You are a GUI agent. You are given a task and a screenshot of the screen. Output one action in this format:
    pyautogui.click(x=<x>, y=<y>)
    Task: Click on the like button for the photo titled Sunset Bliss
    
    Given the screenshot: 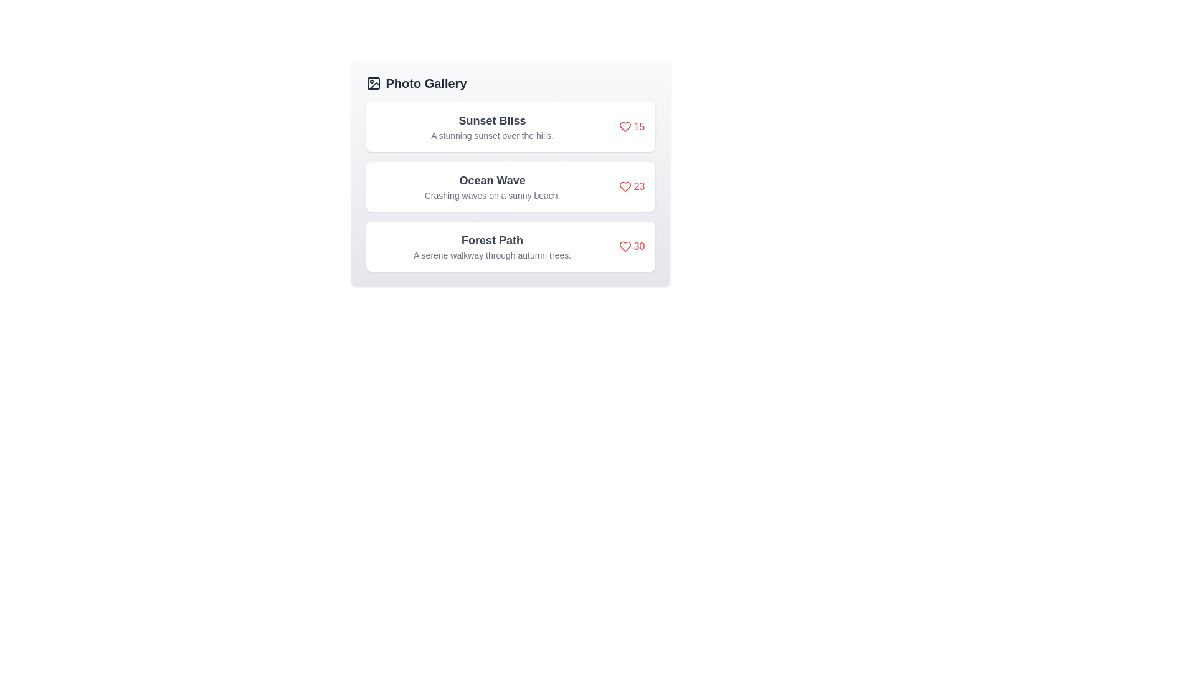 What is the action you would take?
    pyautogui.click(x=632, y=127)
    